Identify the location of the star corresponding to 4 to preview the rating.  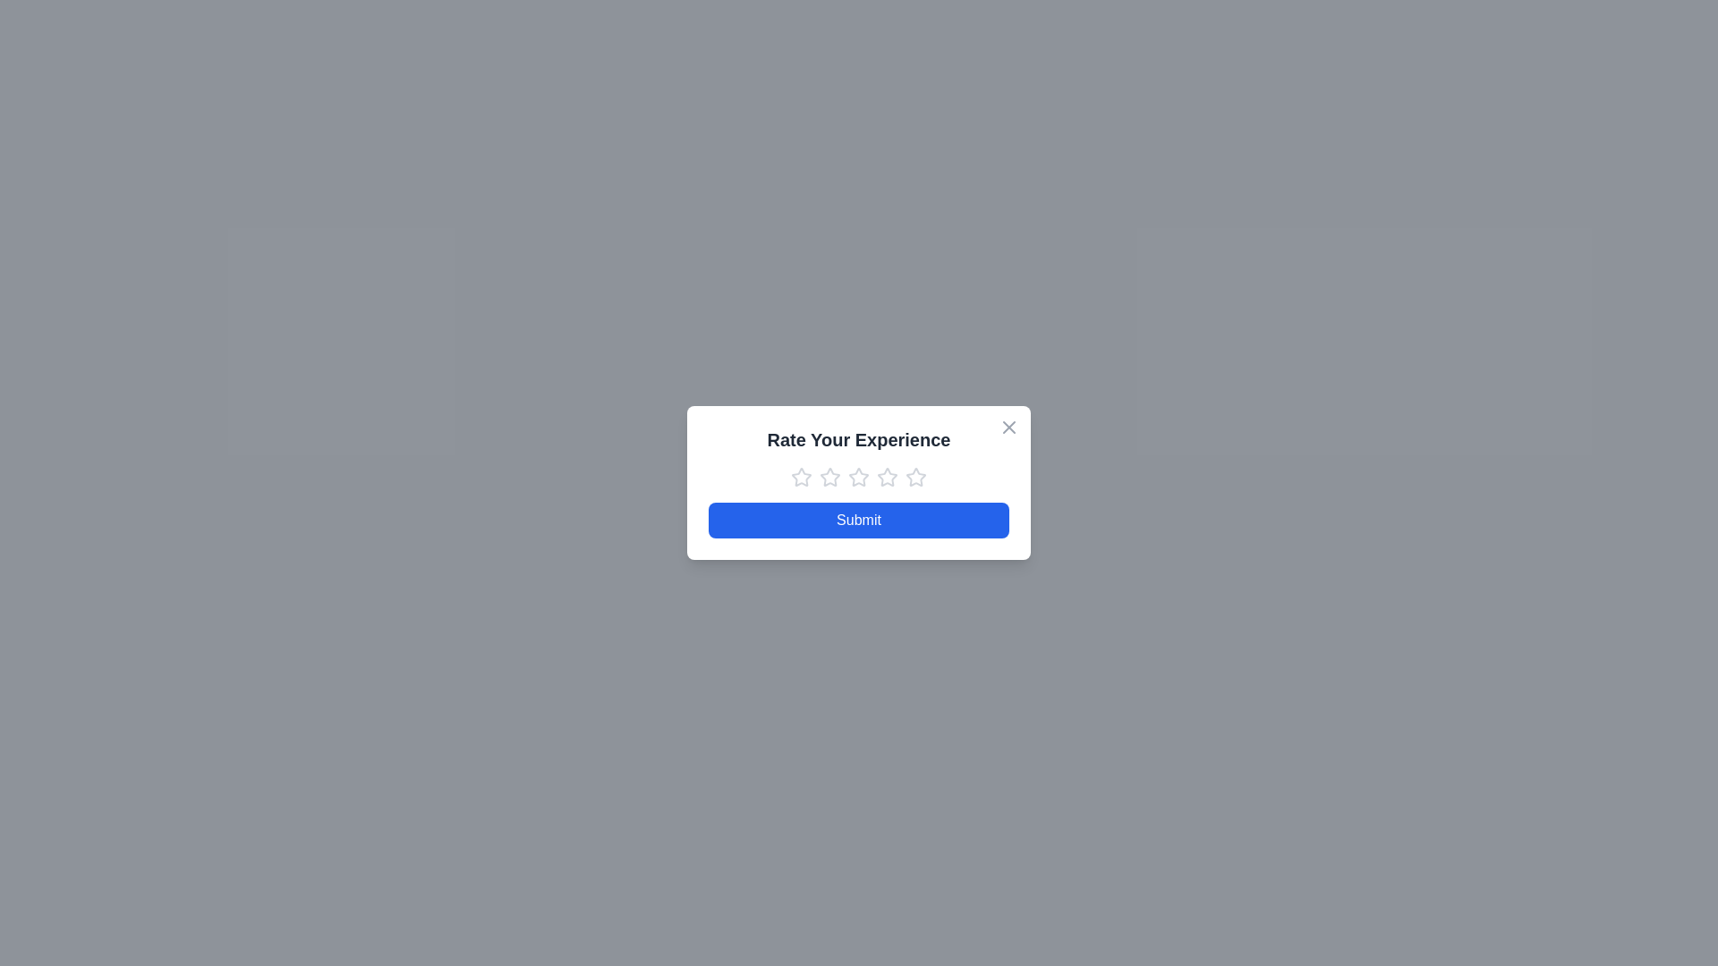
(888, 476).